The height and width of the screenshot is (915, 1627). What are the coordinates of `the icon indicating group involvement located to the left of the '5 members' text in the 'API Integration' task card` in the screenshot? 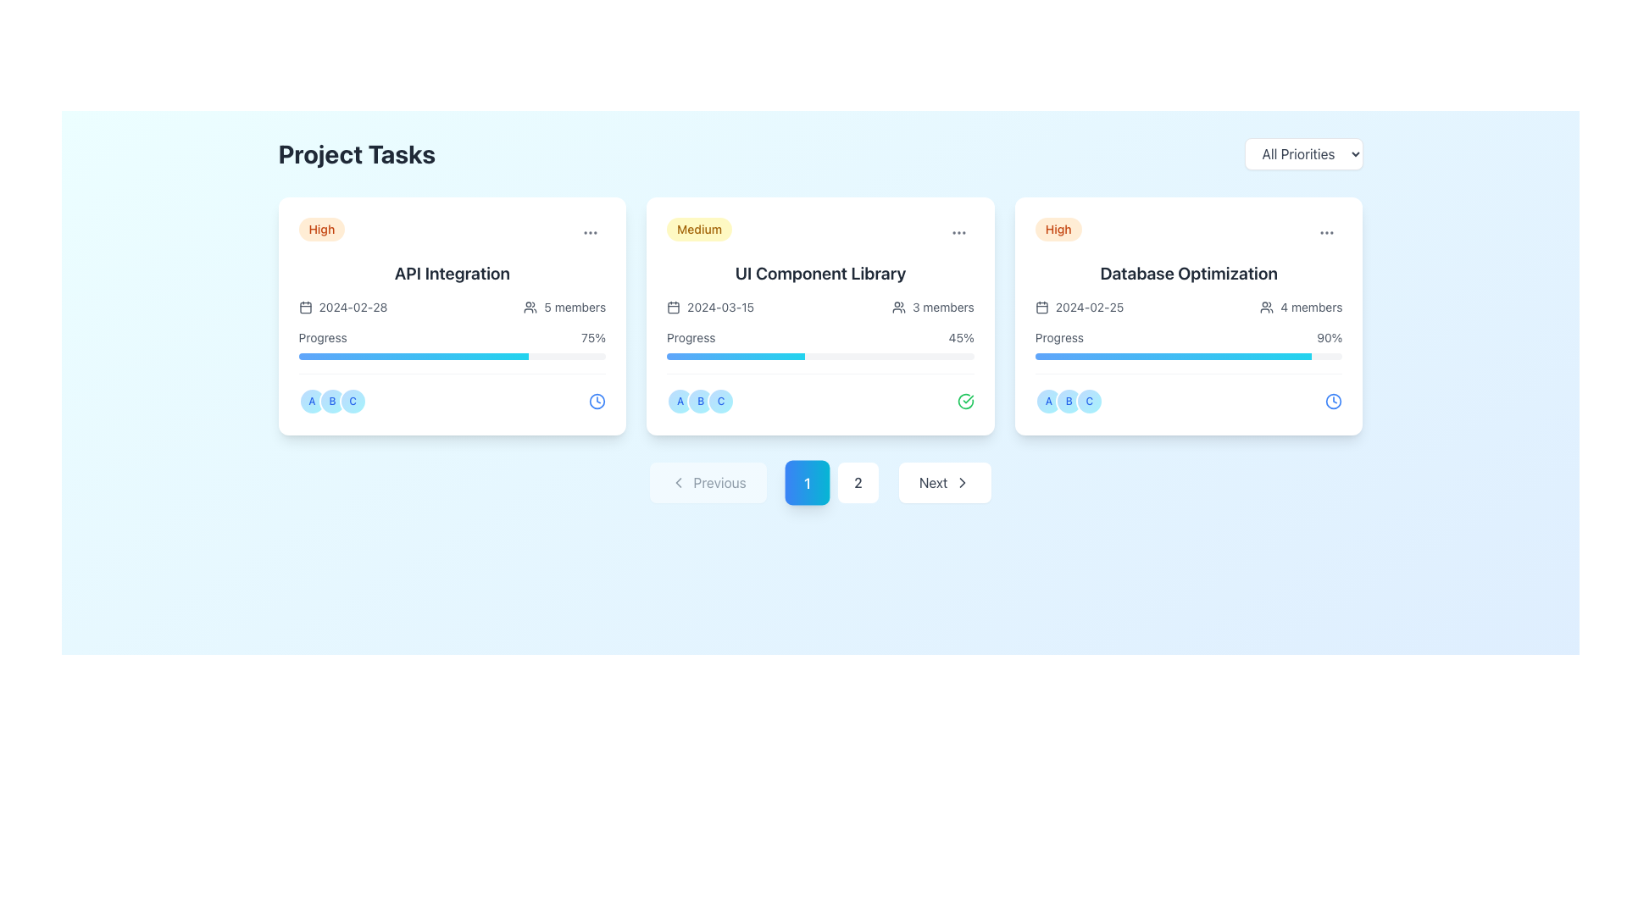 It's located at (530, 307).